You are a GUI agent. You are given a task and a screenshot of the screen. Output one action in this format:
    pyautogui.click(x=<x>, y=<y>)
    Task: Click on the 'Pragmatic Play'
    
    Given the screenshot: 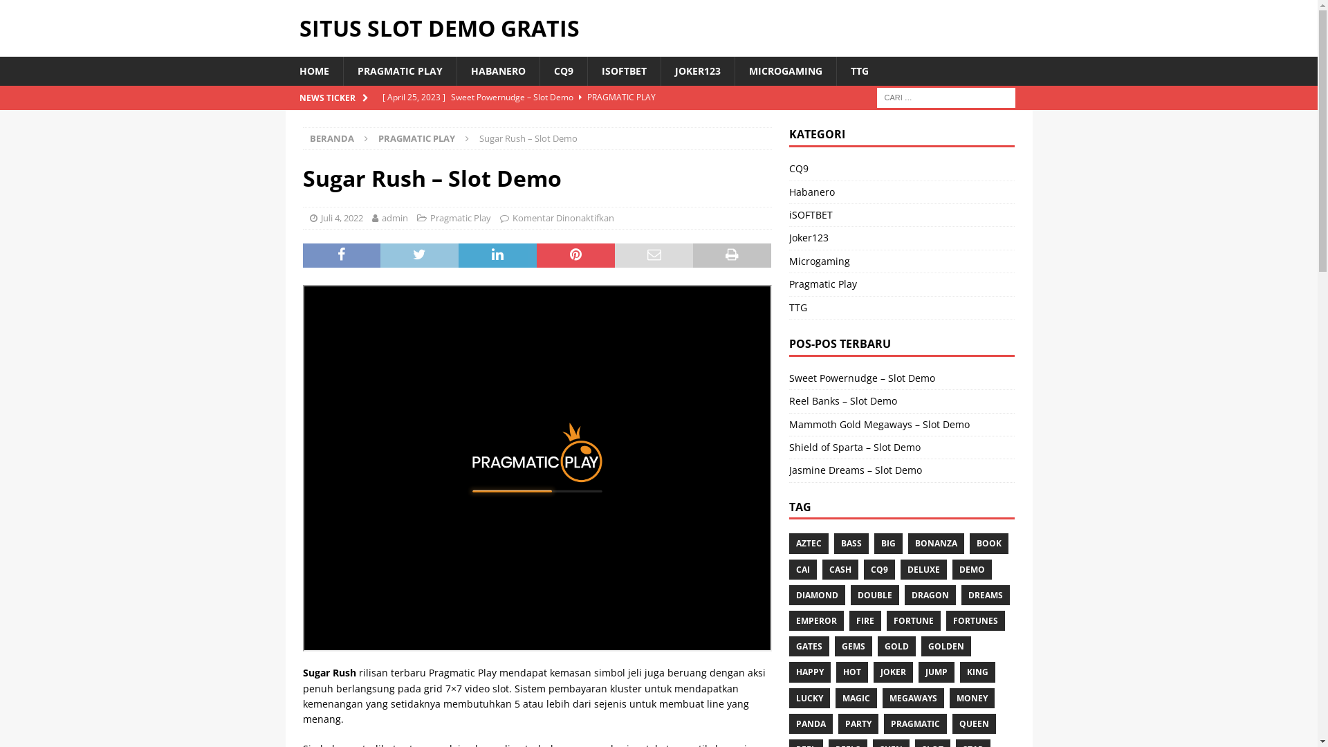 What is the action you would take?
    pyautogui.click(x=902, y=284)
    